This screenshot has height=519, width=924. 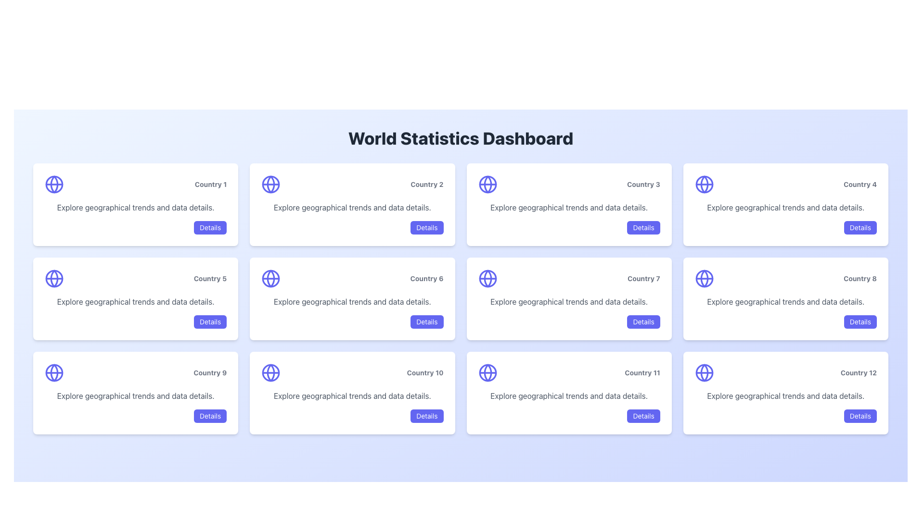 I want to click on the text label located in the bottom-left card of a 3x4 grid layout, which serves as a header or title for the associated card, so click(x=209, y=372).